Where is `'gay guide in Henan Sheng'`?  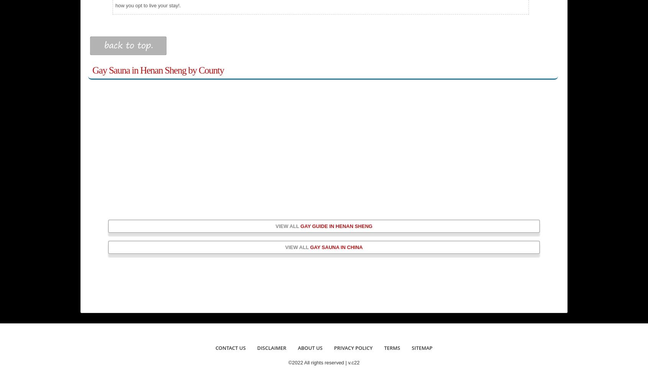 'gay guide in Henan Sheng' is located at coordinates (335, 226).